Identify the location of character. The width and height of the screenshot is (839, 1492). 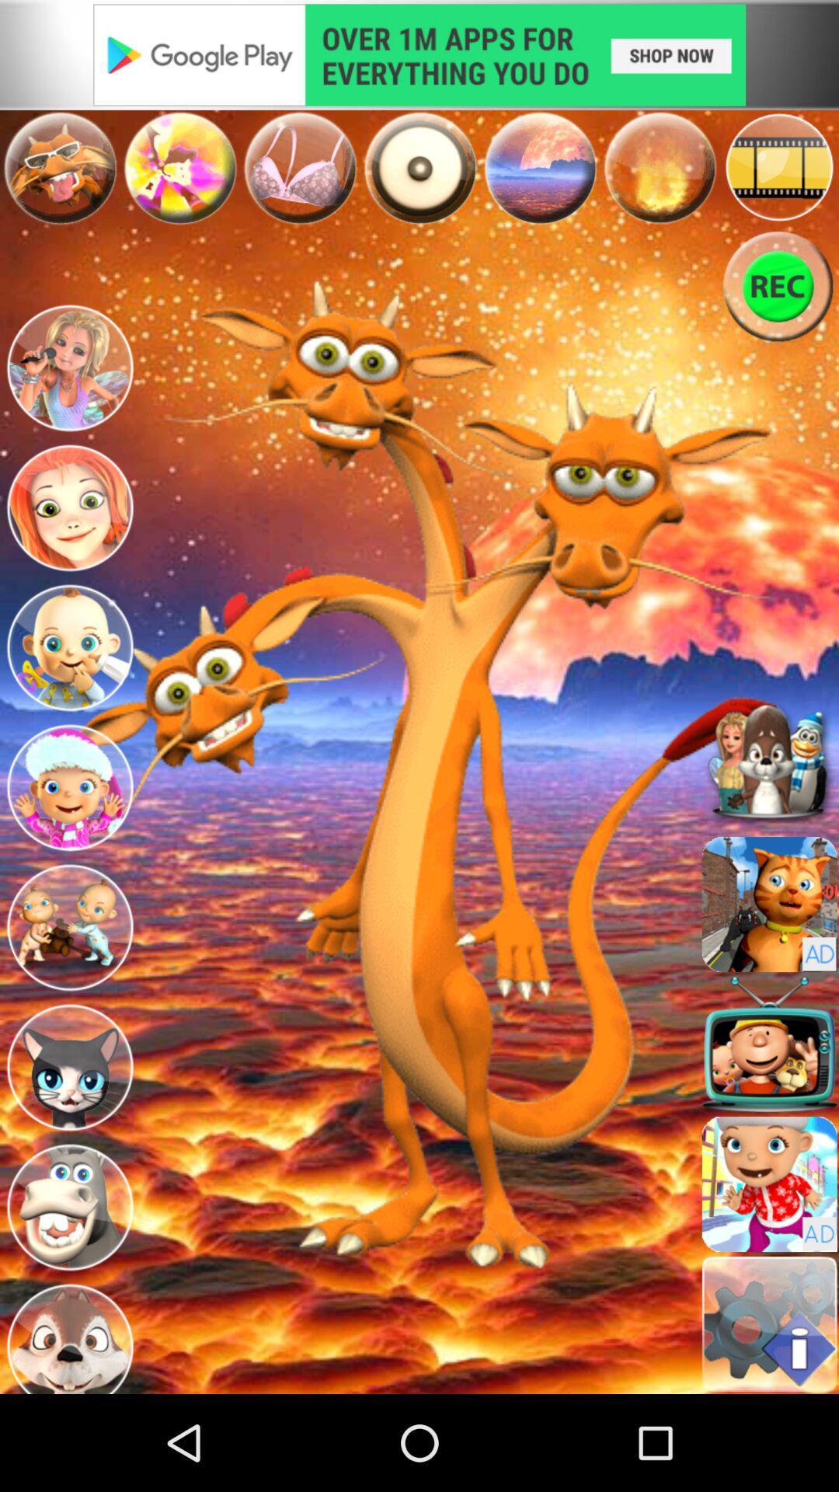
(68, 648).